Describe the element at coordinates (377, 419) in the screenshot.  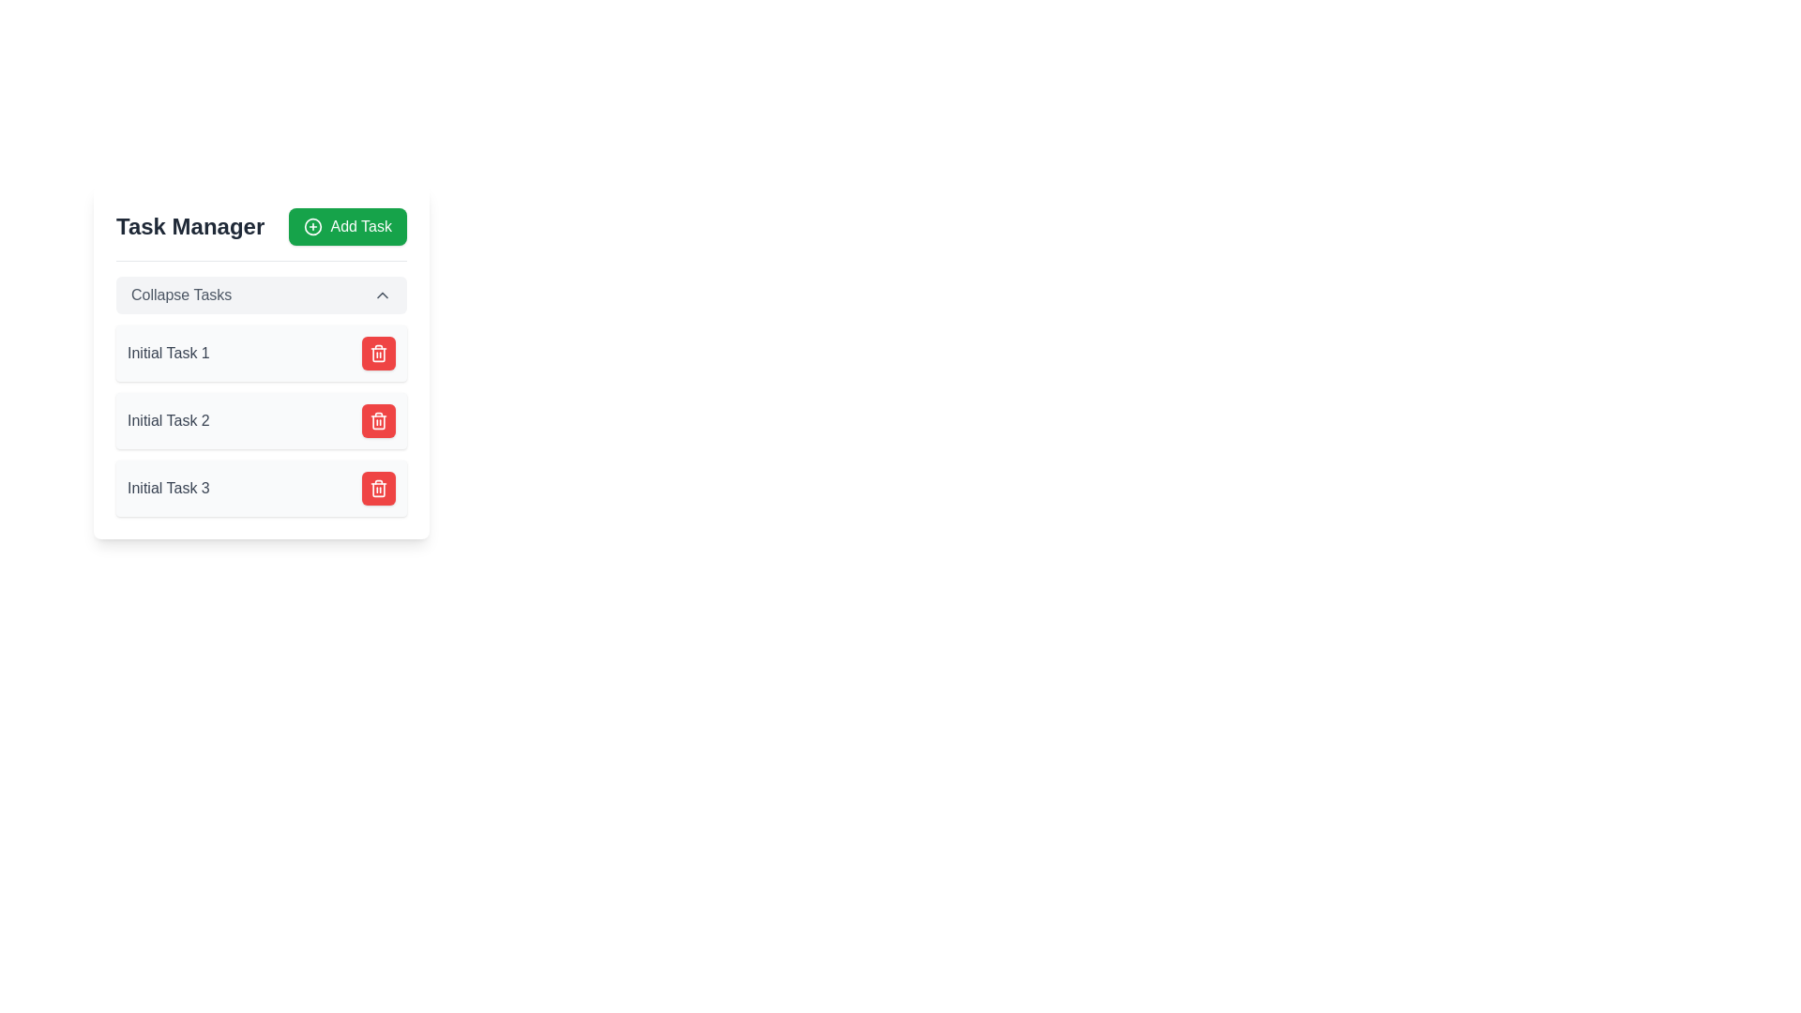
I see `the second delete button located beside the task labeled 'Initial Task 2'` at that location.